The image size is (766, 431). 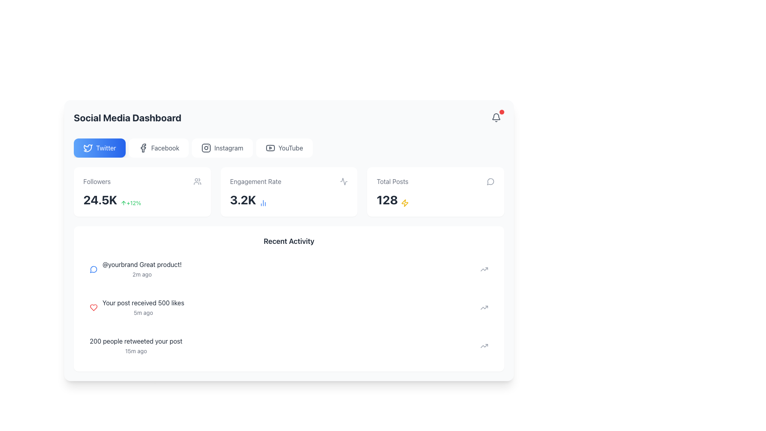 I want to click on the 'Facebook' button with a white background and rounded corners, so click(x=159, y=148).